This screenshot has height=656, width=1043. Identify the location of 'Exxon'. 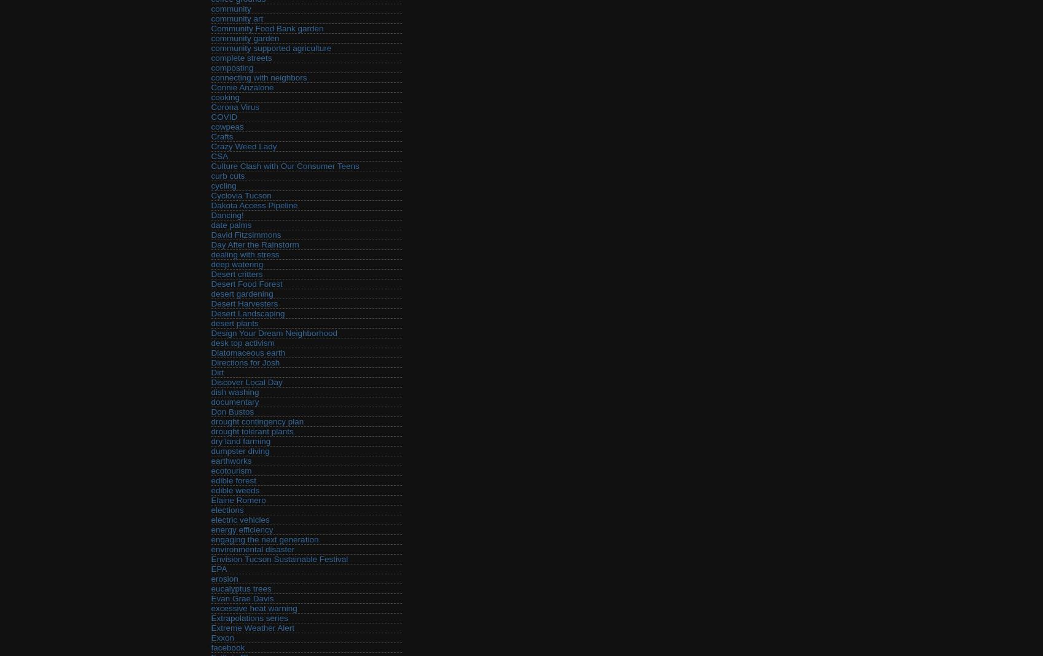
(222, 638).